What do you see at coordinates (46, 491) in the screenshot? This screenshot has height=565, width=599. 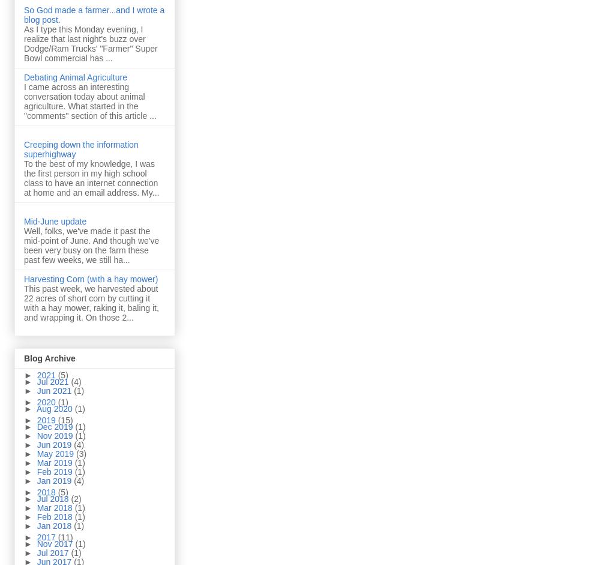 I see `'2018'` at bounding box center [46, 491].